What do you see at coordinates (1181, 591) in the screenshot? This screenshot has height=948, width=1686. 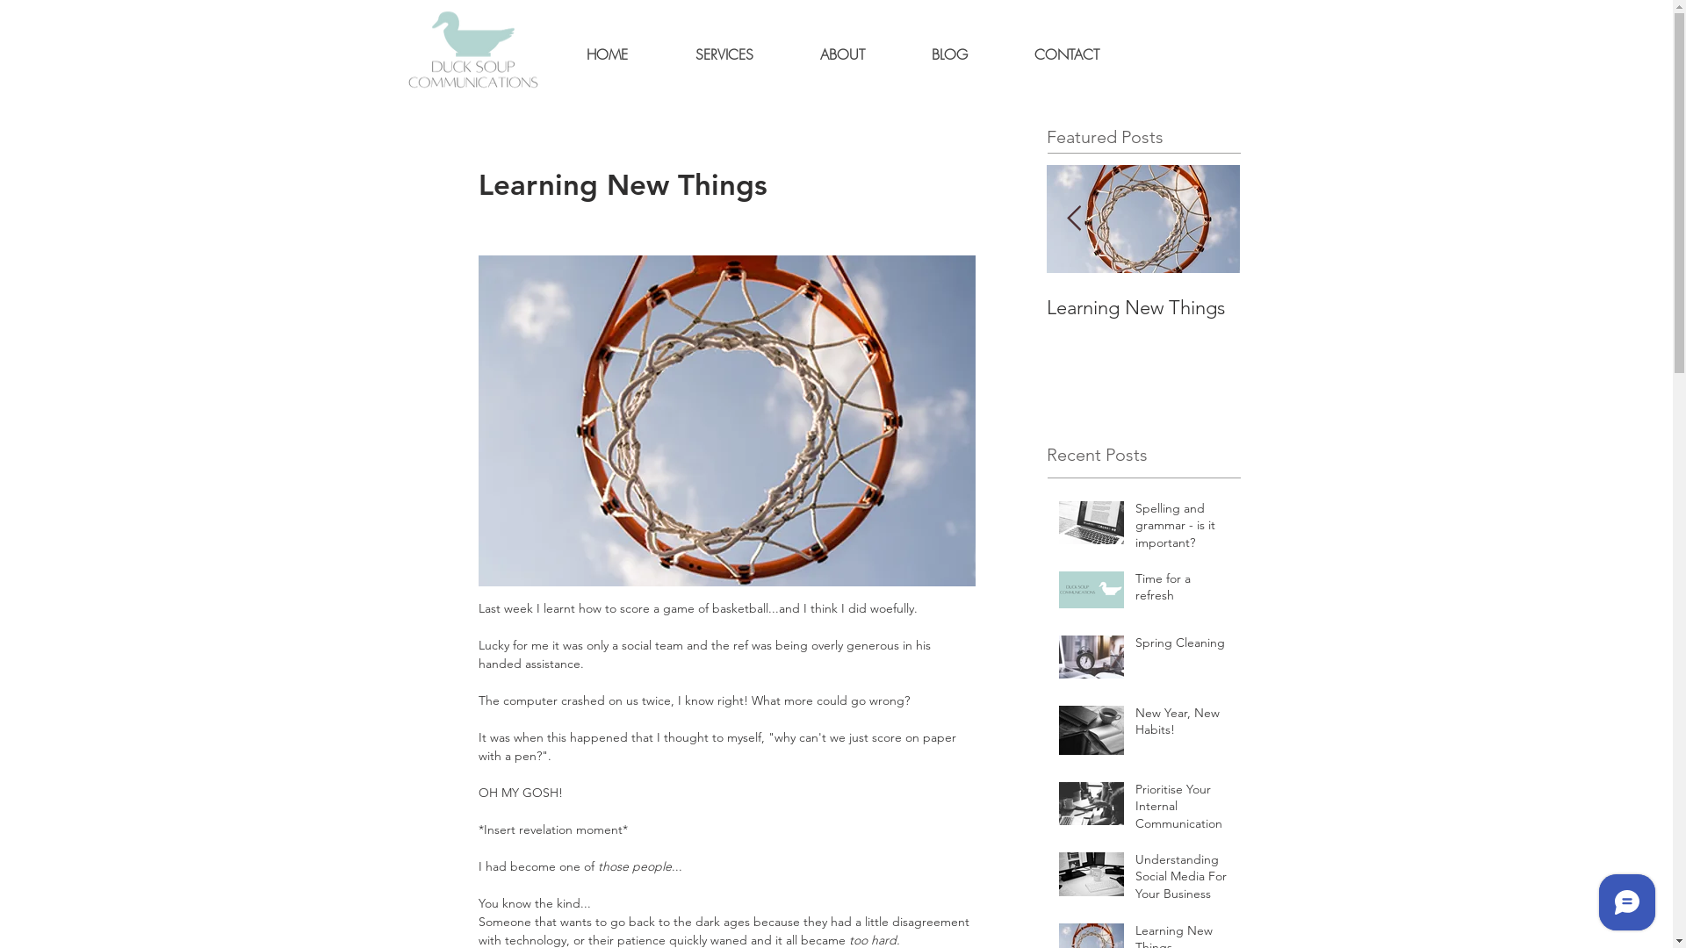 I see `'Time for a refresh'` at bounding box center [1181, 591].